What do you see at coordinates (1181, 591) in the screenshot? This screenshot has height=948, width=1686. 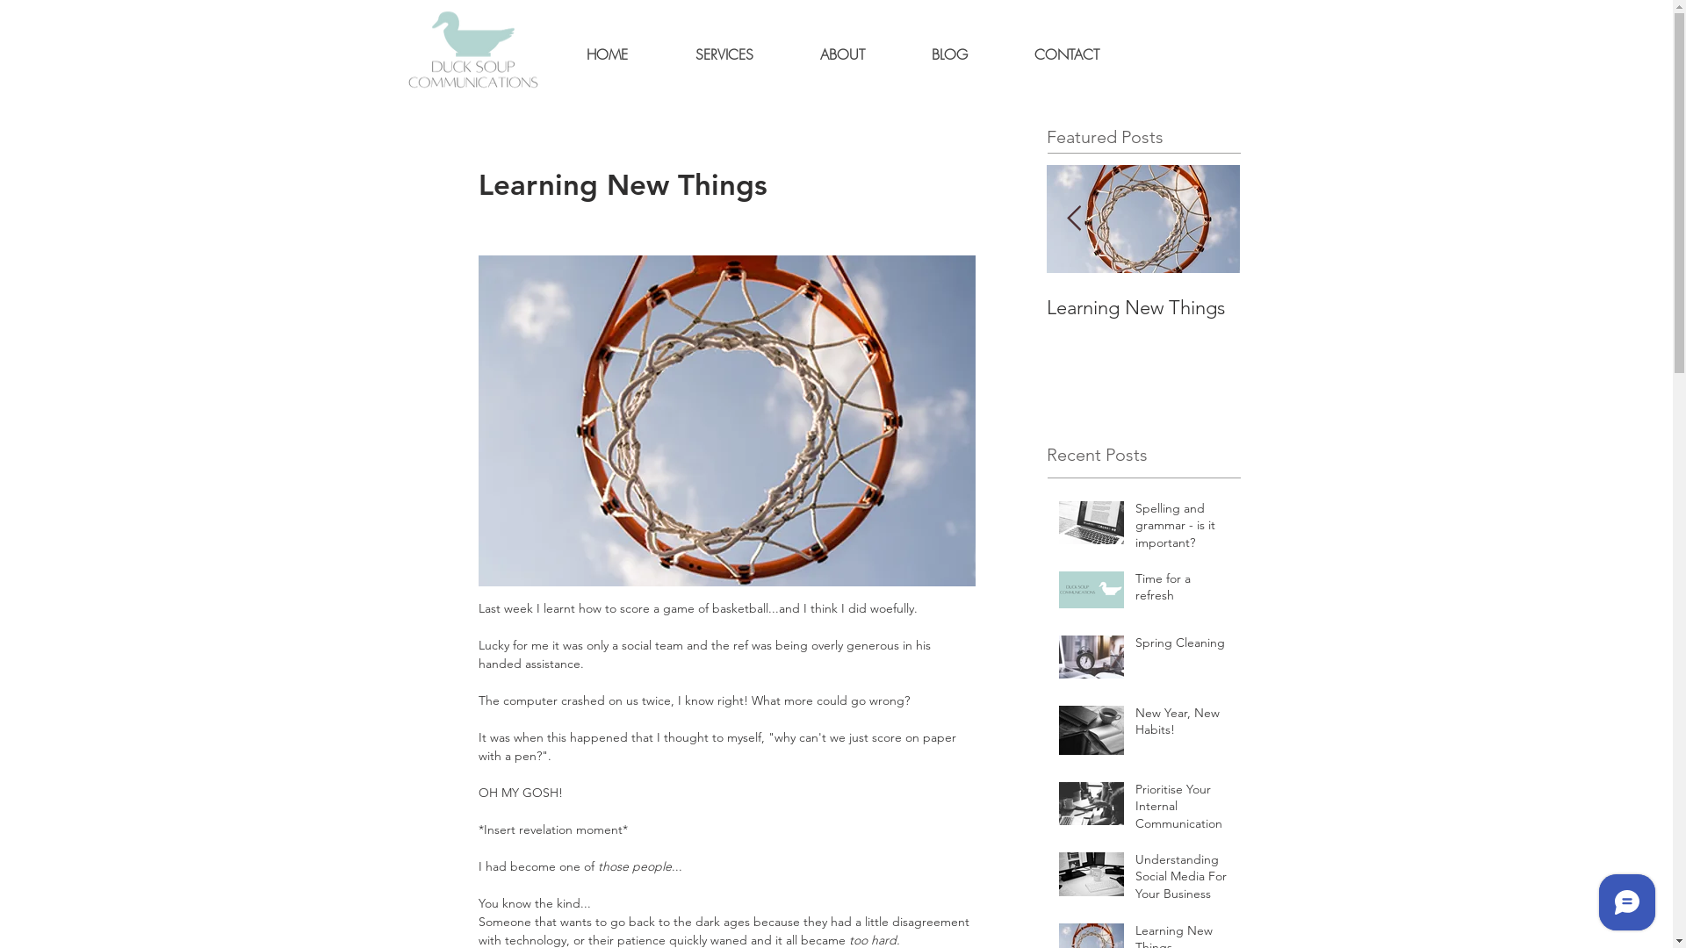 I see `'Time for a refresh'` at bounding box center [1181, 591].